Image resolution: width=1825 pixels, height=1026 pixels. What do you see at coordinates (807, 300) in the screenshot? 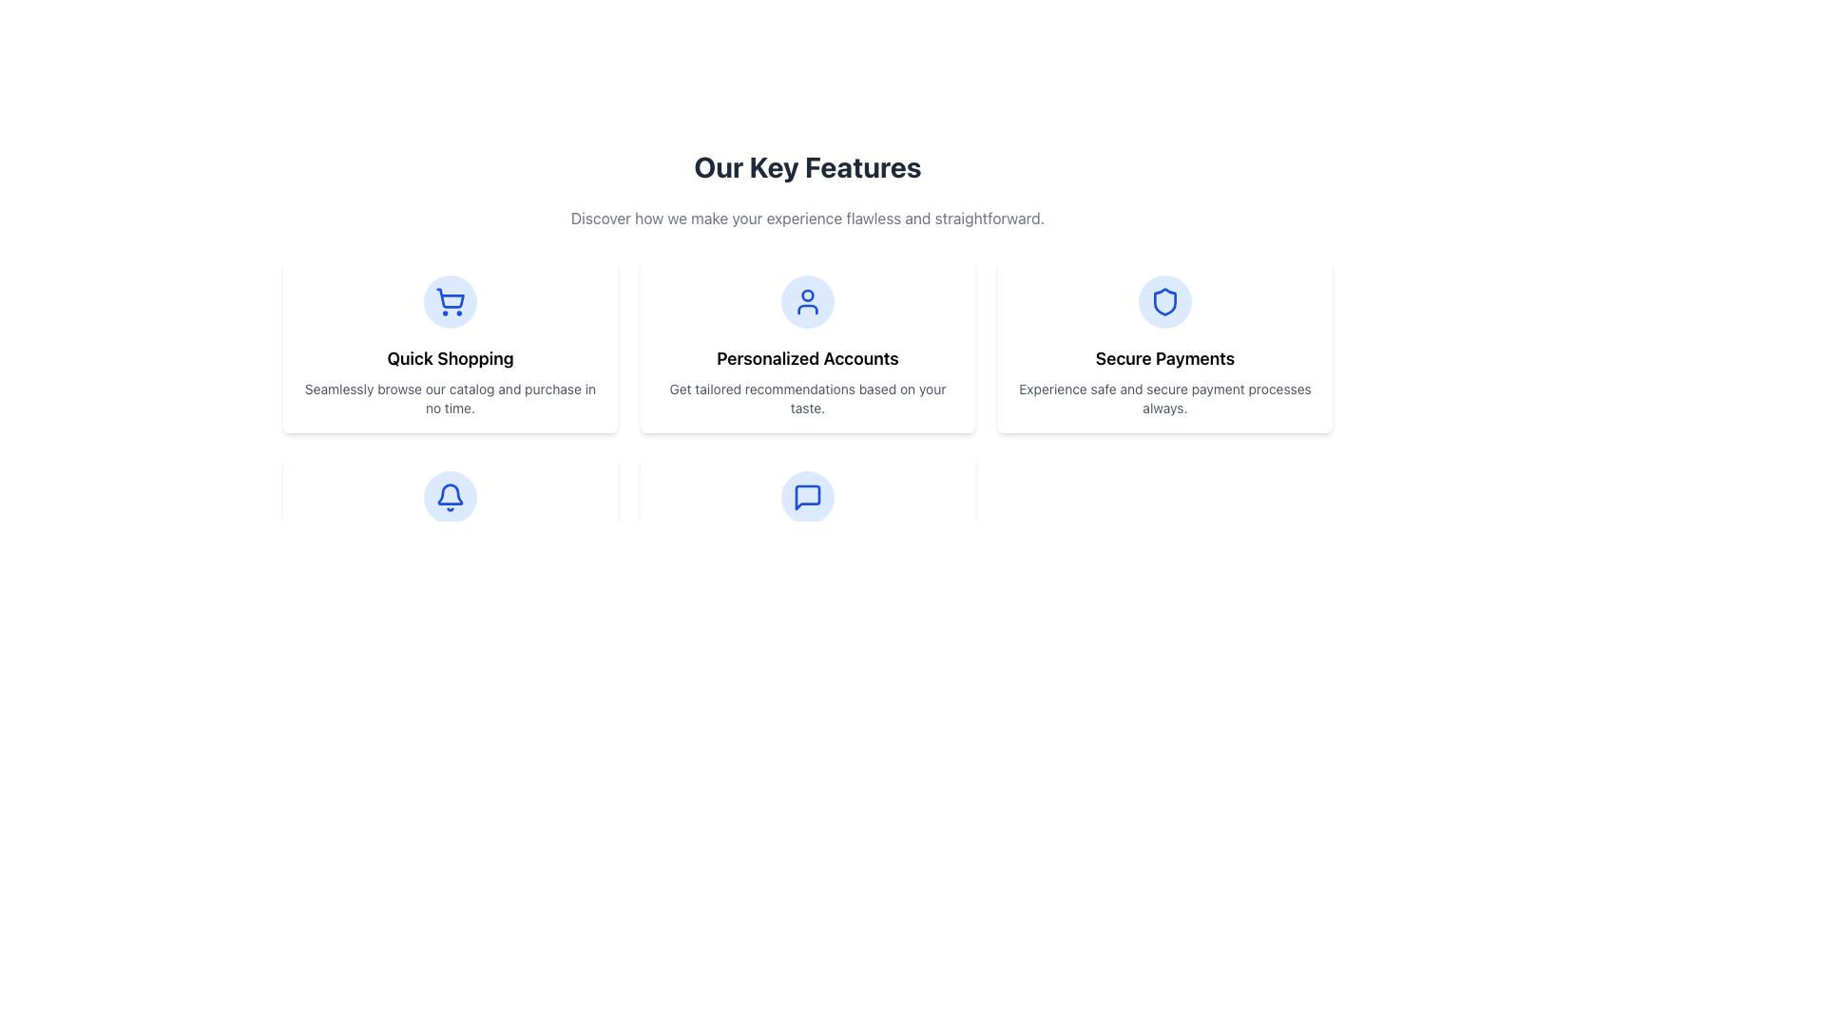
I see `the blue circular icon with a user silhouette inside, located at the top of the 'Personalized Accounts' card` at bounding box center [807, 300].